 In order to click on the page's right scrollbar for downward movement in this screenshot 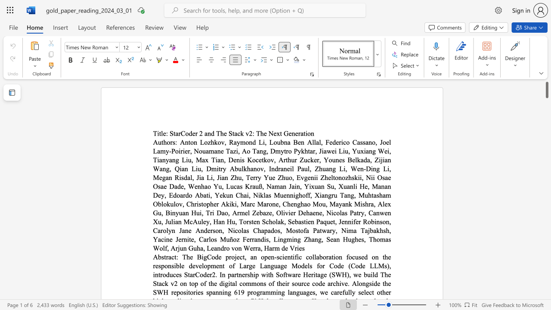, I will do `click(546, 137)`.